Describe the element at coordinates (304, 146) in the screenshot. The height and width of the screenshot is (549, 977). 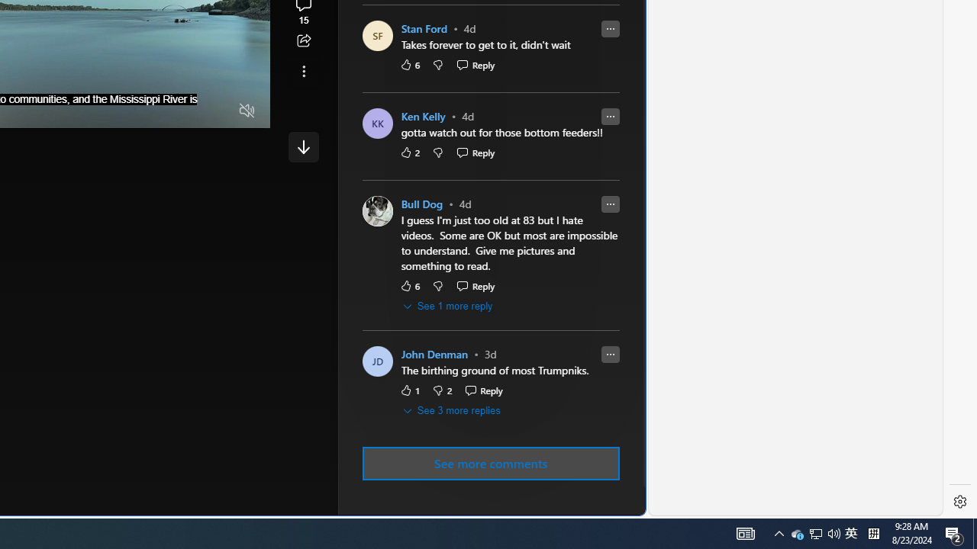
I see `'Class: control'` at that location.